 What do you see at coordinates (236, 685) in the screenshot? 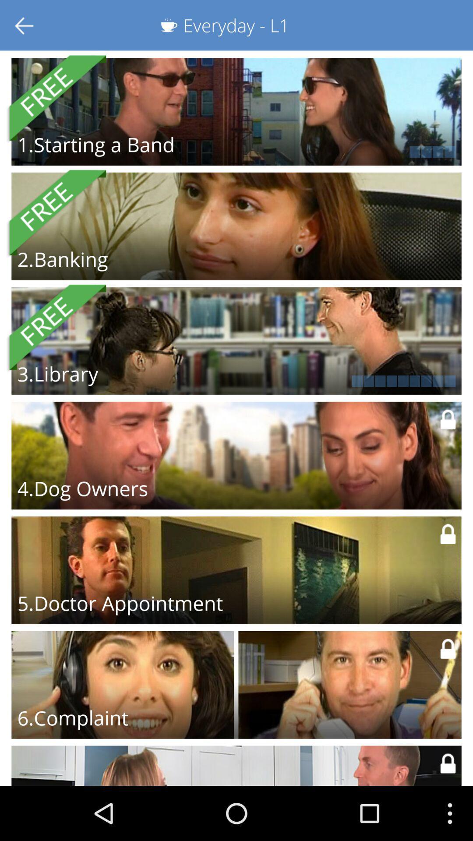
I see `the sixth complaint image` at bounding box center [236, 685].